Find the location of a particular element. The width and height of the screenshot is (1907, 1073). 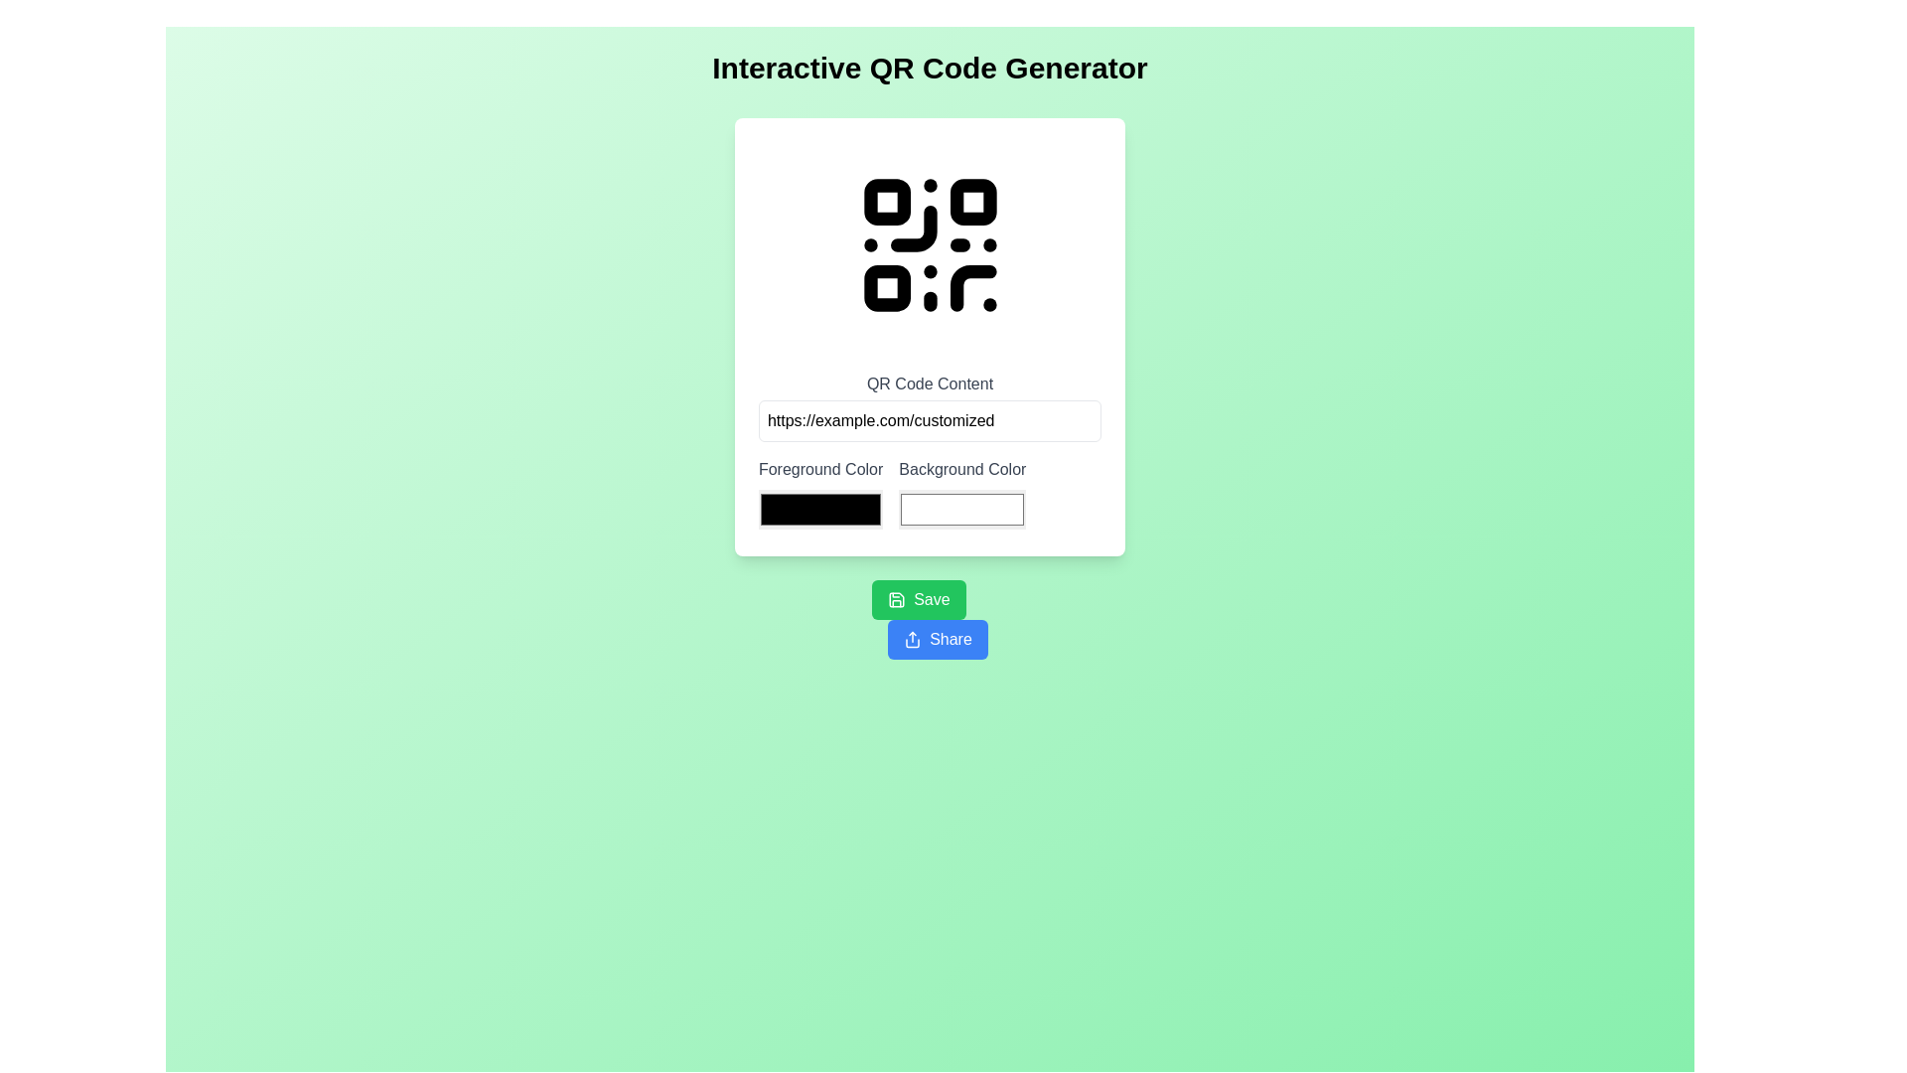

the first color input field that allows users to select or input a color for the foreground, located to the left of the 'Background Color' selector is located at coordinates (820, 494).